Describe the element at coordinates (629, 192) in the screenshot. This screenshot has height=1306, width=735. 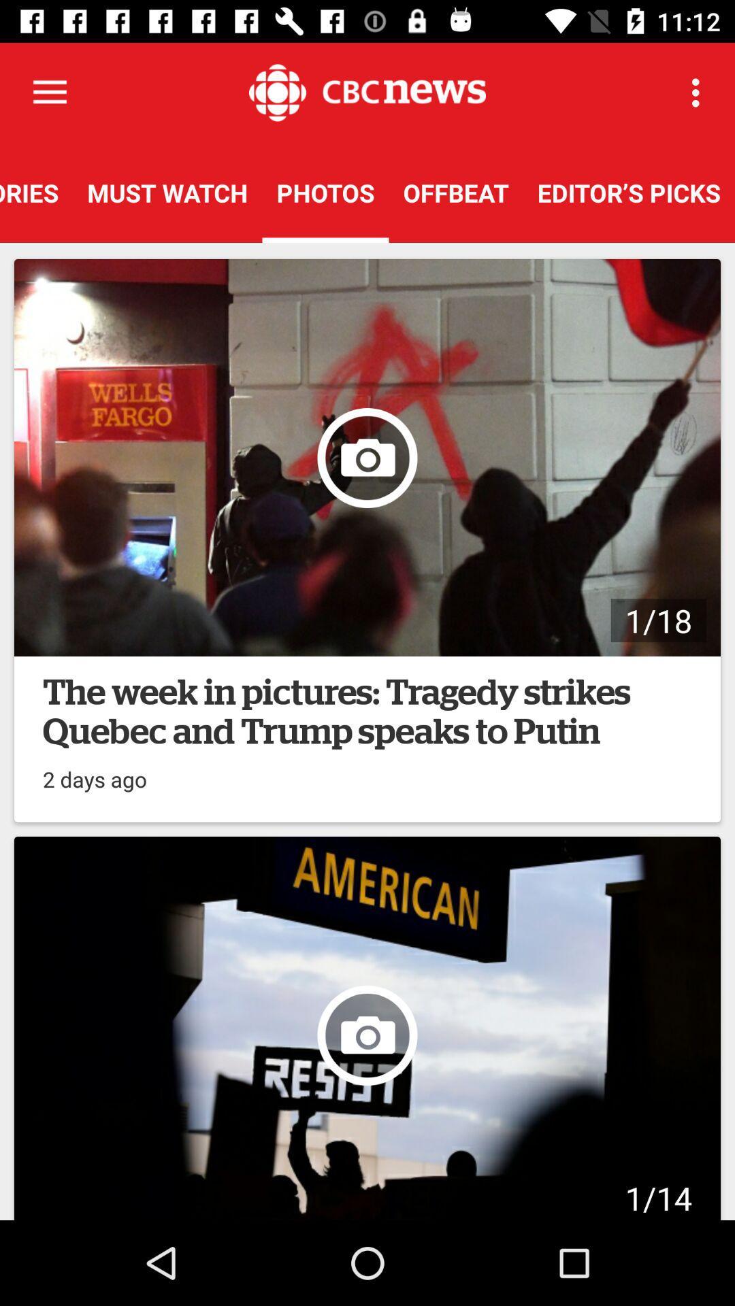
I see `the item next to the offbeat` at that location.